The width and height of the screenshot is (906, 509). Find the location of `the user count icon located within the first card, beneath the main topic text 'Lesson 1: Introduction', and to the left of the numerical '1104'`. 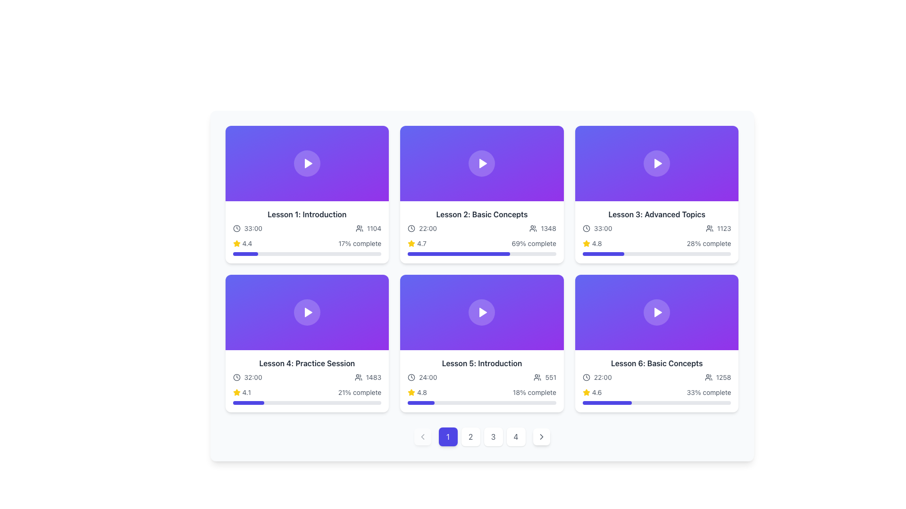

the user count icon located within the first card, beneath the main topic text 'Lesson 1: Introduction', and to the left of the numerical '1104' is located at coordinates (359, 229).